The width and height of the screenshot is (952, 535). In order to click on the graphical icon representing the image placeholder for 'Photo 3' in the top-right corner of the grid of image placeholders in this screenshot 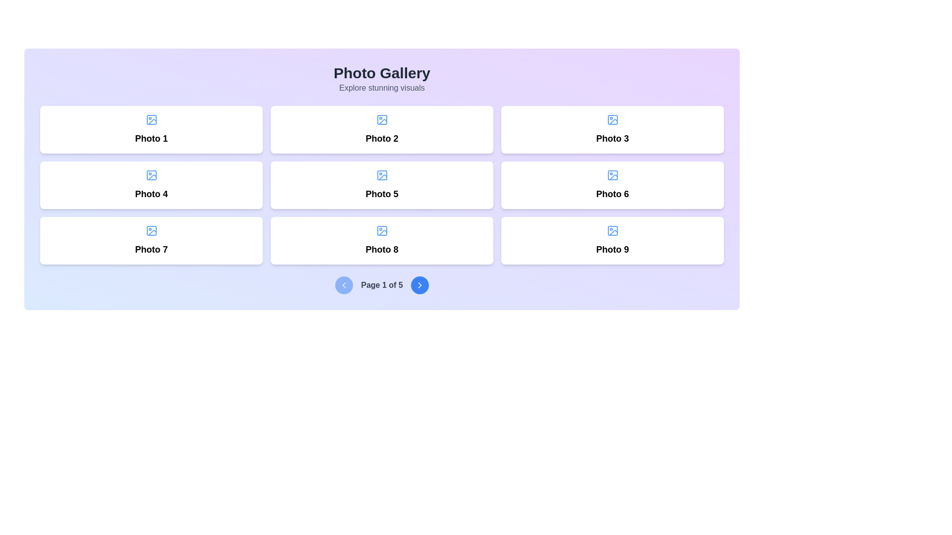, I will do `click(612, 119)`.